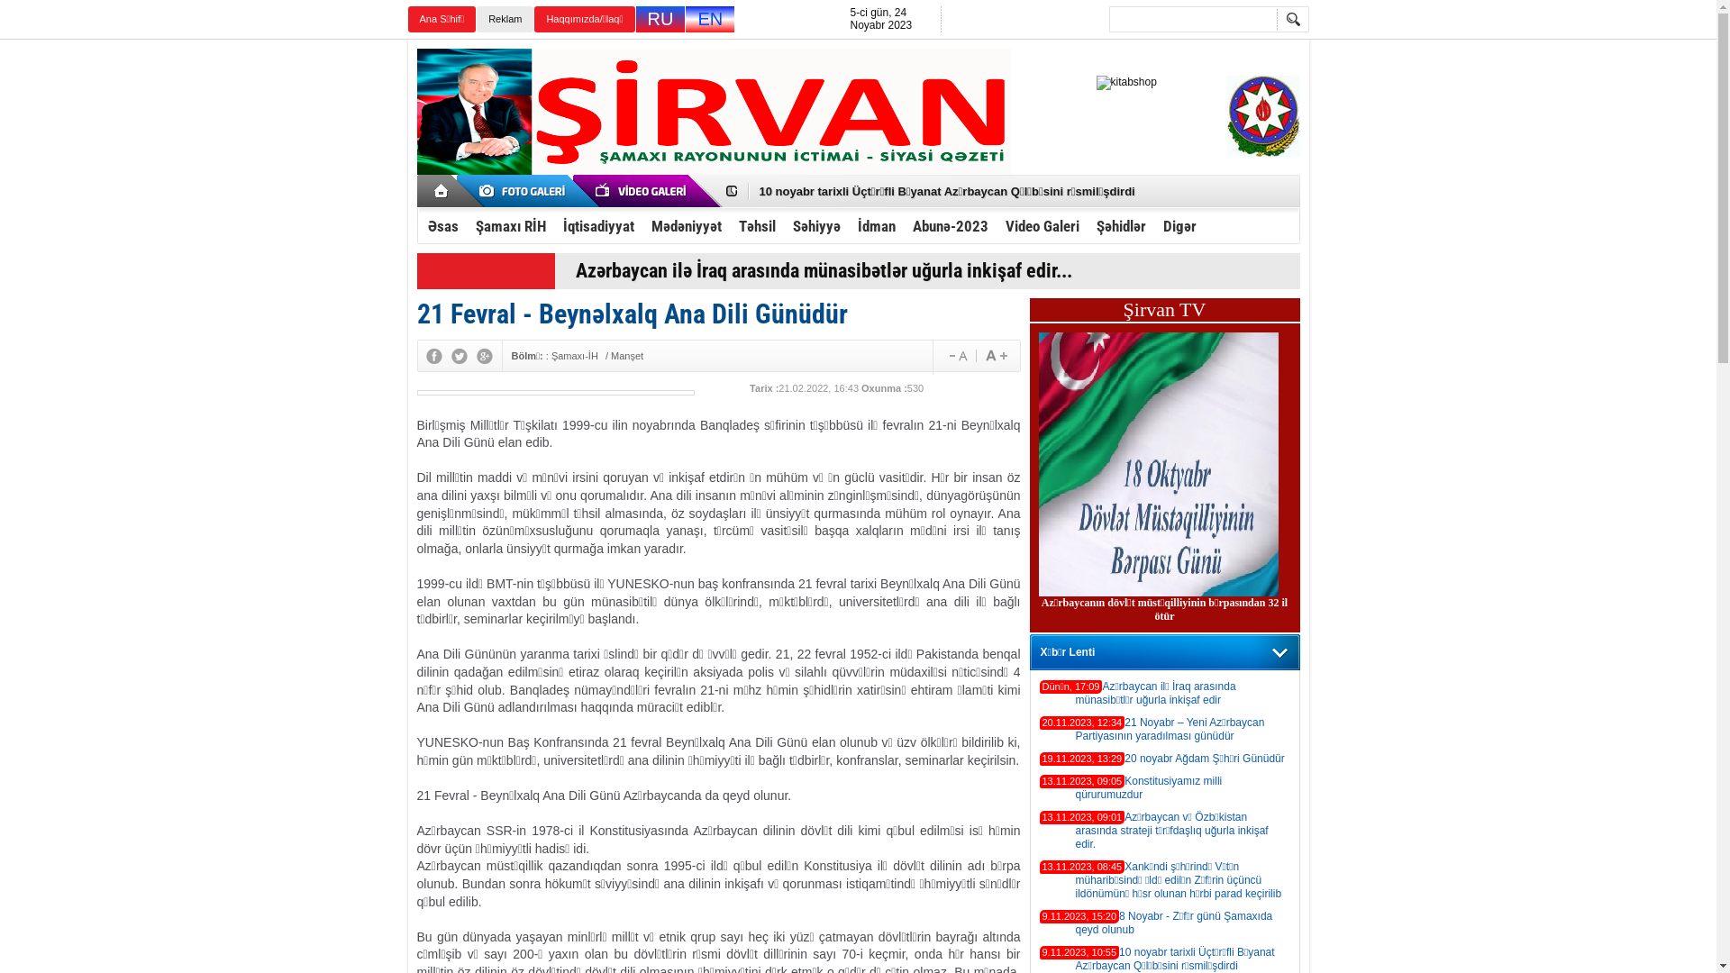 The image size is (1730, 973). I want to click on 'Facebook', so click(432, 355).